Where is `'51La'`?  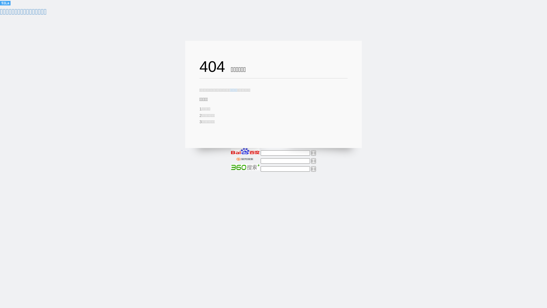
'51La' is located at coordinates (5, 3).